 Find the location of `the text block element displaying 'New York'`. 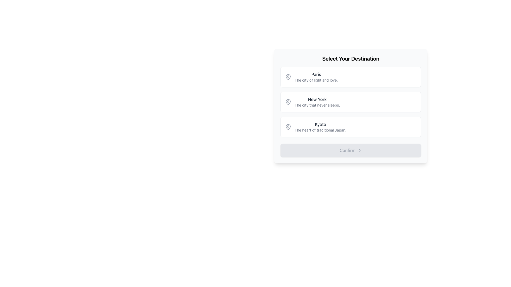

the text block element displaying 'New York' is located at coordinates (317, 102).